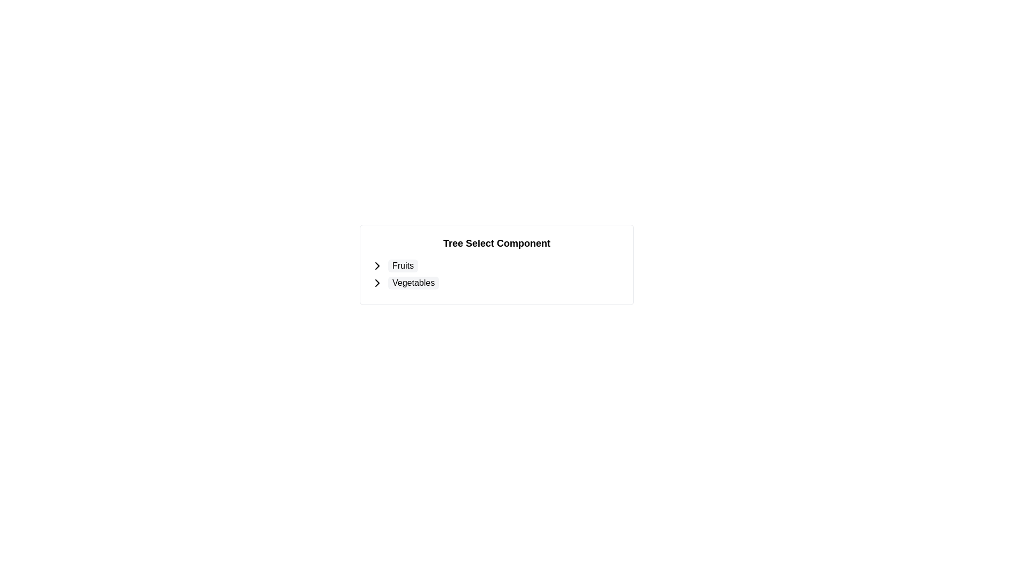 This screenshot has height=578, width=1028. I want to click on the third selectable list item labeled 'Fruits' under the 'Tree Select Component' heading, so click(403, 265).